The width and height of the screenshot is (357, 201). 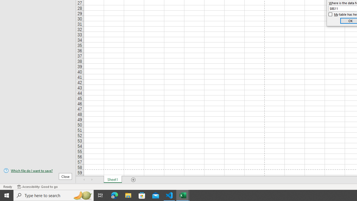 What do you see at coordinates (92, 180) in the screenshot?
I see `'Scroll Right'` at bounding box center [92, 180].